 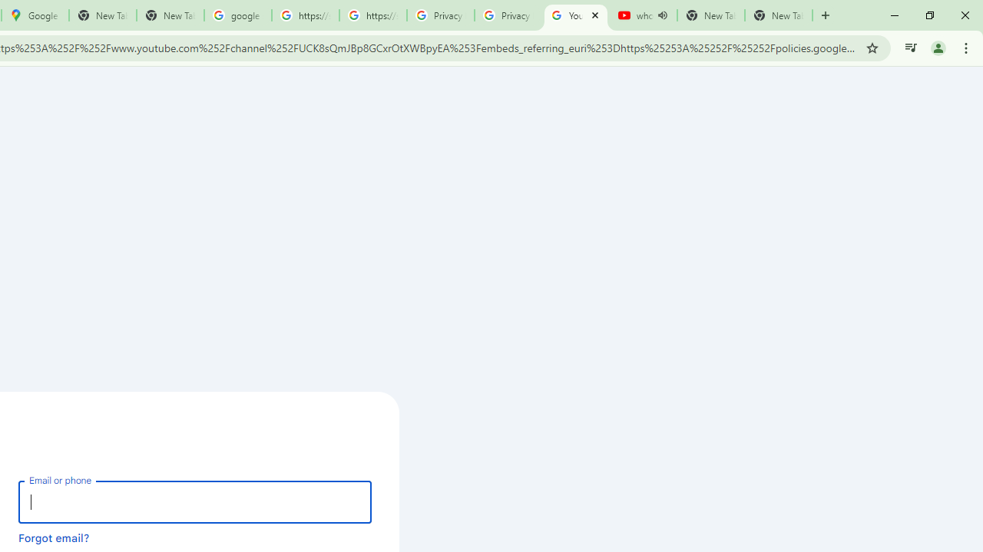 I want to click on 'Email or phone', so click(x=194, y=501).